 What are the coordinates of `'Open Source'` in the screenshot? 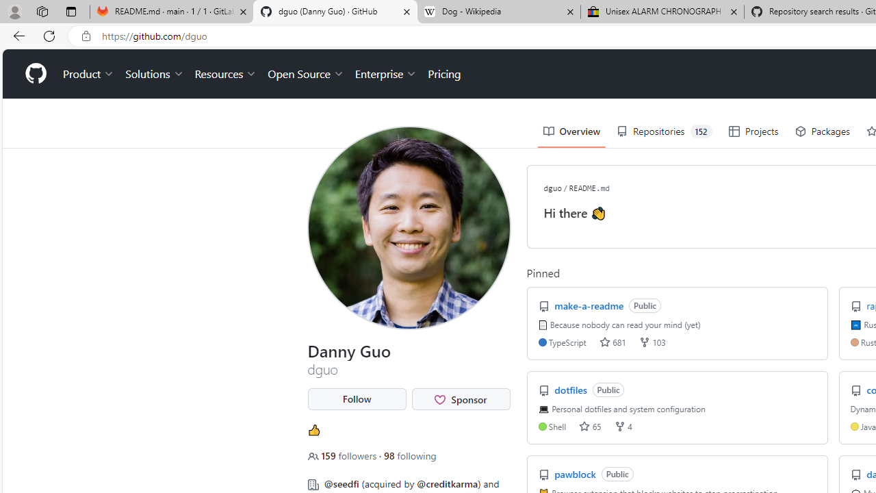 It's located at (305, 74).